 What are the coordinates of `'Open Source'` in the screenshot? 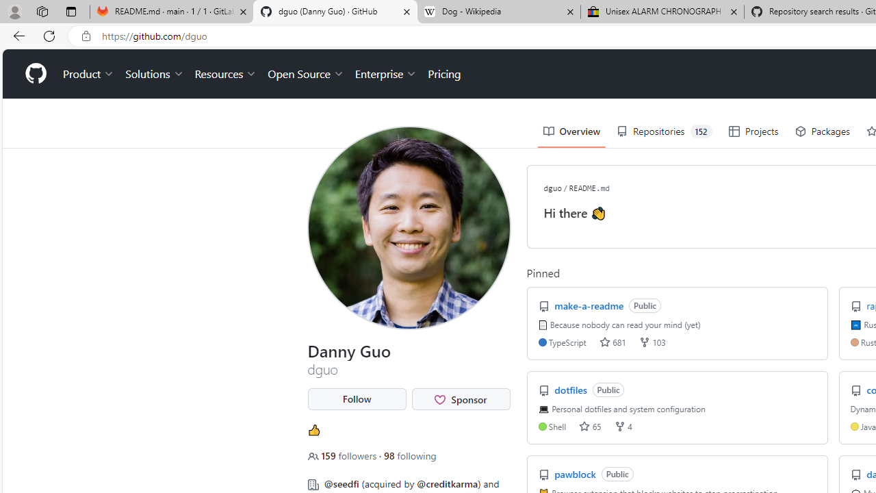 It's located at (305, 74).